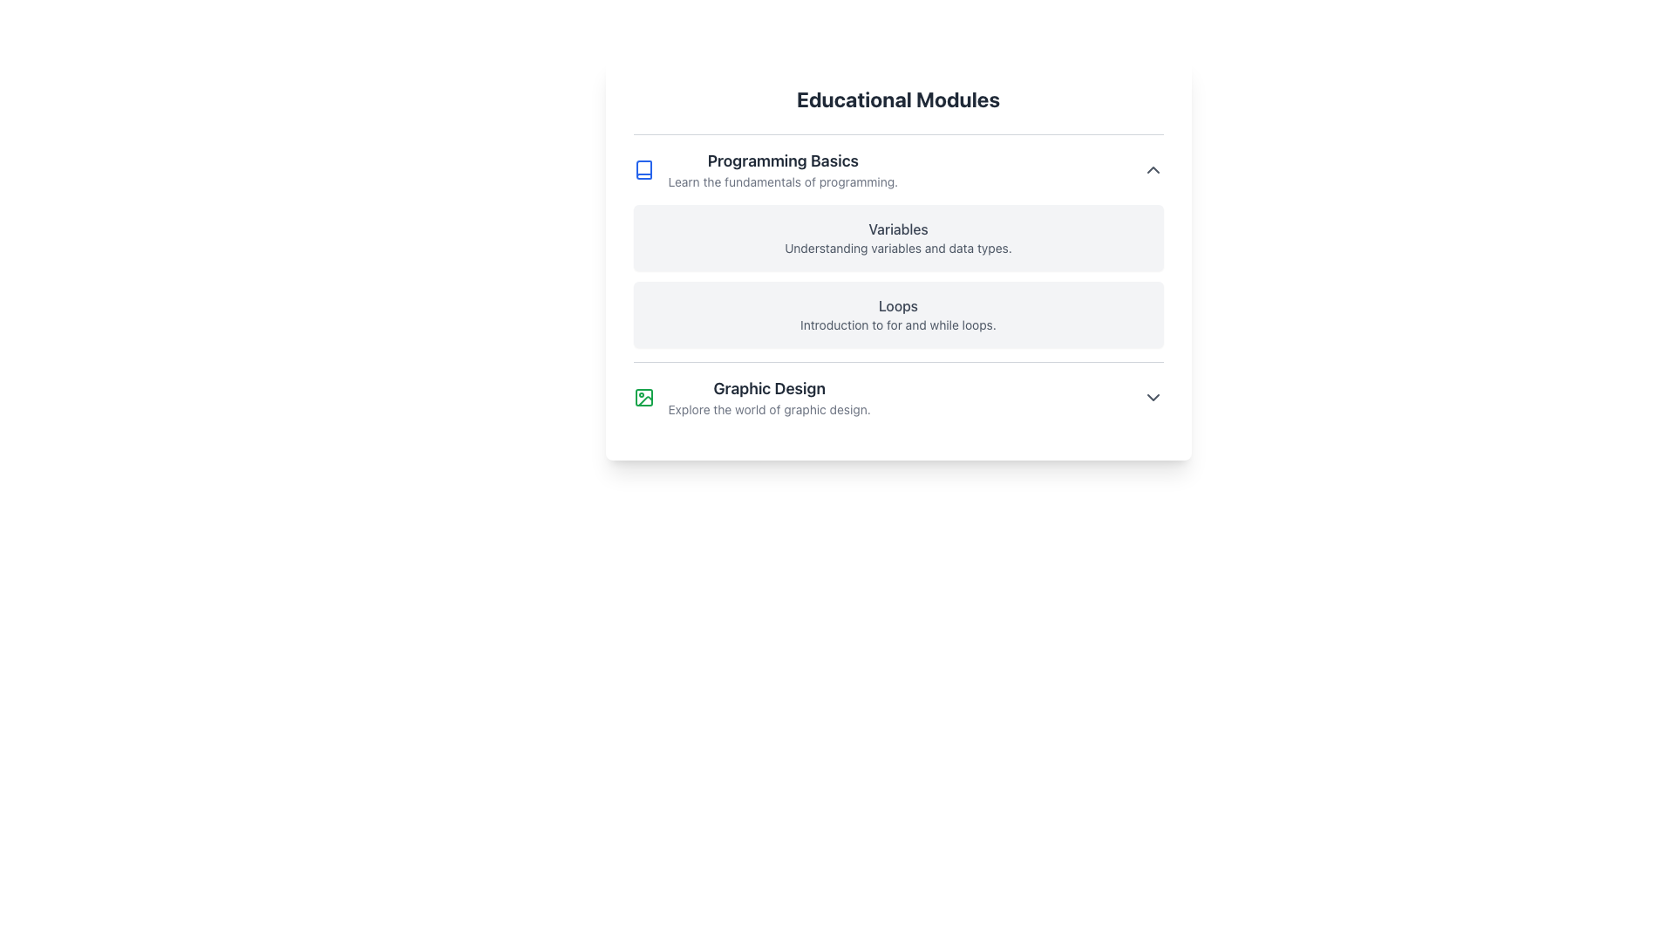 The image size is (1674, 942). What do you see at coordinates (768, 410) in the screenshot?
I see `the text label that says 'Explore the world of graphic design.', which is styled in a smaller, muted gray font and is located below the 'Graphic Design' text within the 'Educational Modules' section` at bounding box center [768, 410].